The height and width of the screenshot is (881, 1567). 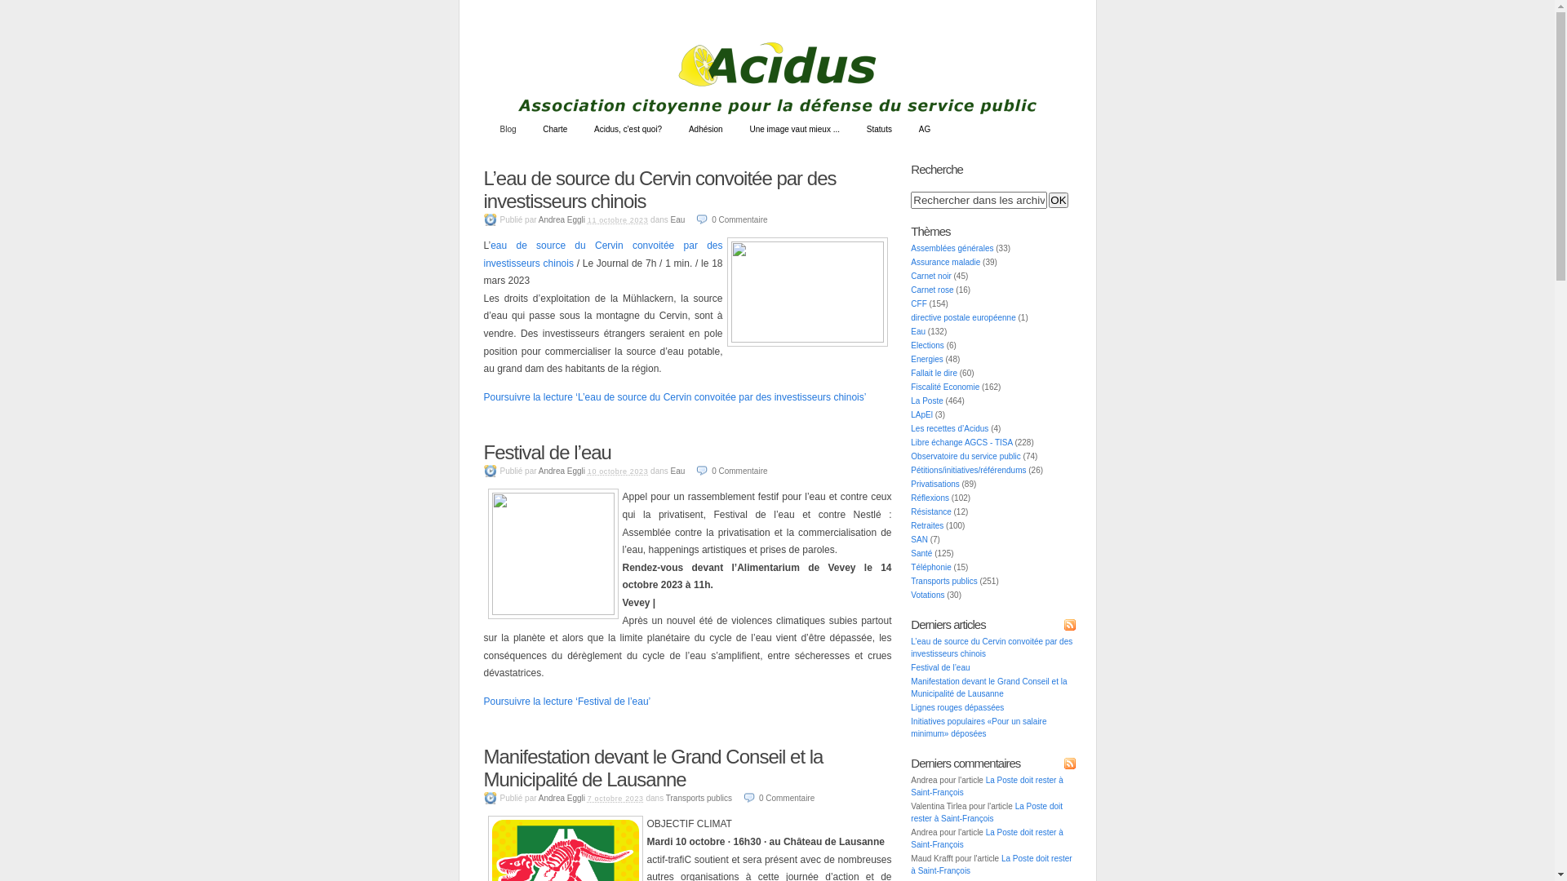 I want to click on 'SAN', so click(x=919, y=539).